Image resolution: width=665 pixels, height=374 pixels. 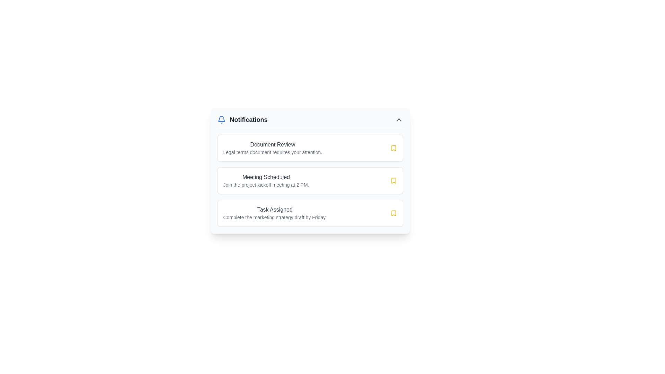 What do you see at coordinates (272, 148) in the screenshot?
I see `the 'Document Review' notification card to acknowledge or open the document, which is styled with a bold header and a lighter gray message, located in the notifications center` at bounding box center [272, 148].